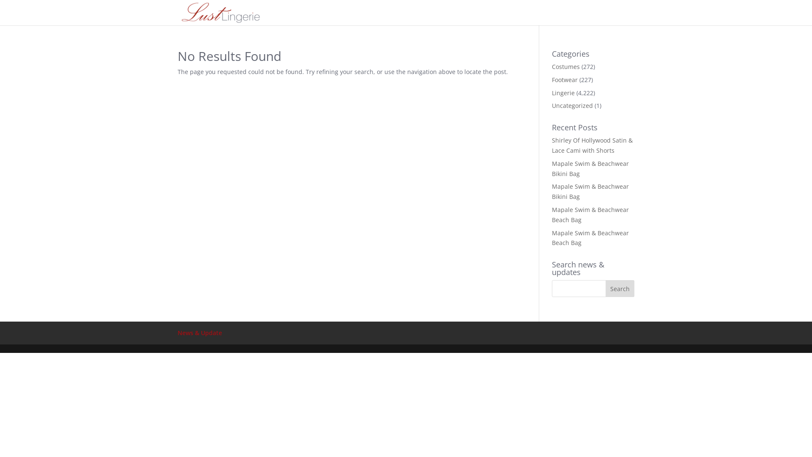  What do you see at coordinates (565, 80) in the screenshot?
I see `'Footwear'` at bounding box center [565, 80].